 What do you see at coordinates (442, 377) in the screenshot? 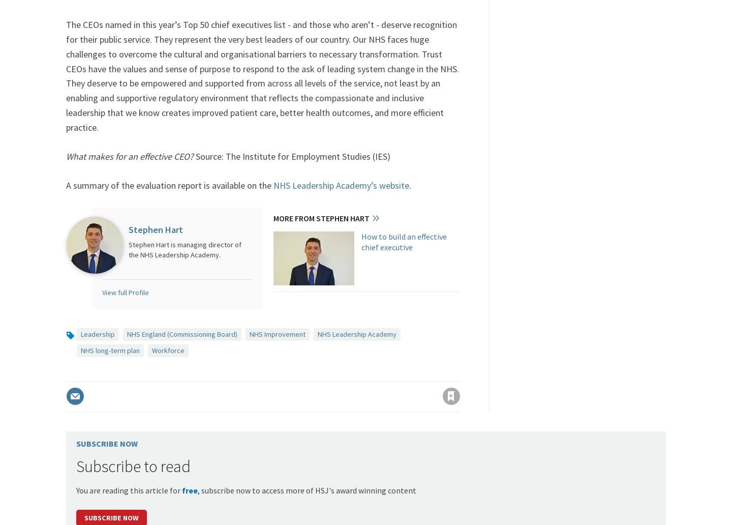
I see `'Save article'` at bounding box center [442, 377].